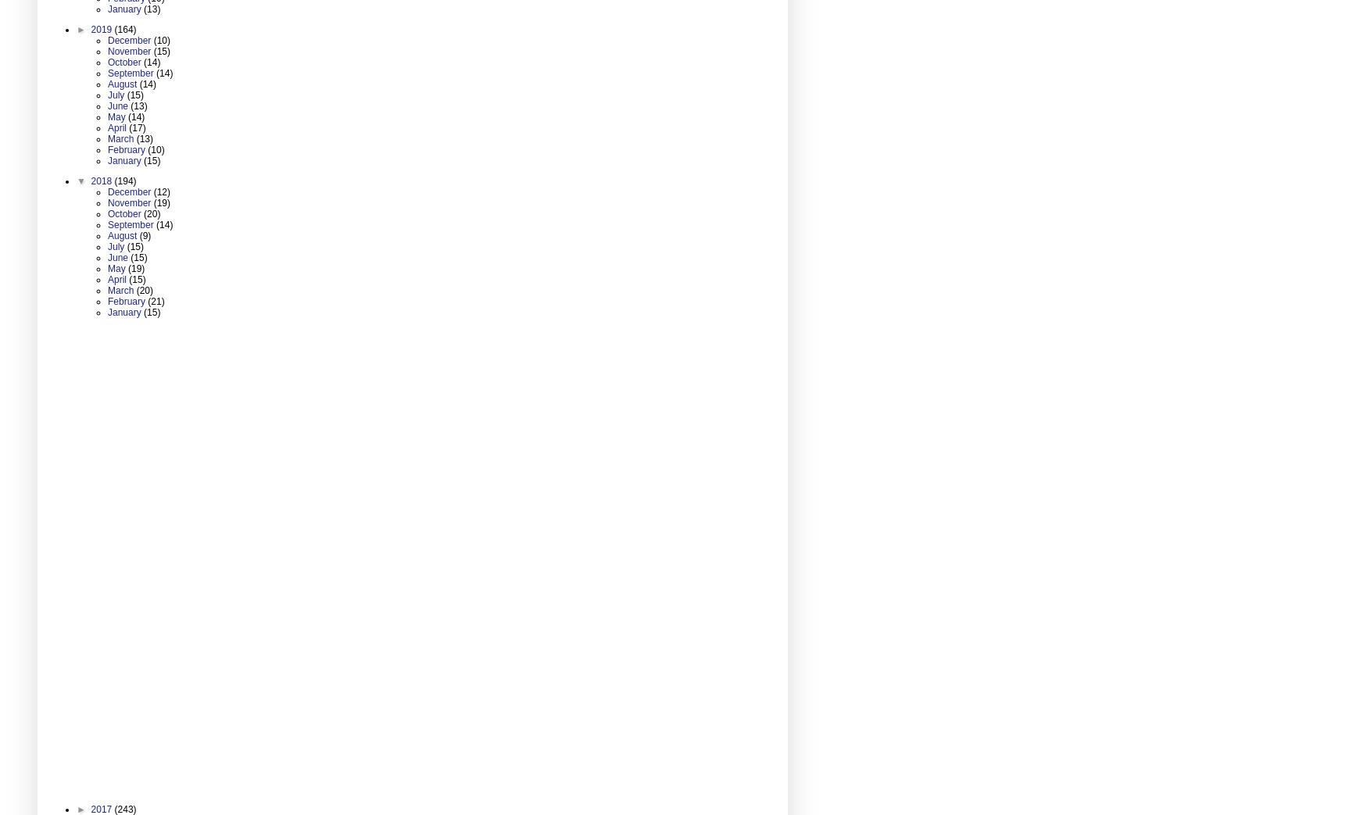 This screenshot has width=1360, height=815. What do you see at coordinates (102, 28) in the screenshot?
I see `'2019'` at bounding box center [102, 28].